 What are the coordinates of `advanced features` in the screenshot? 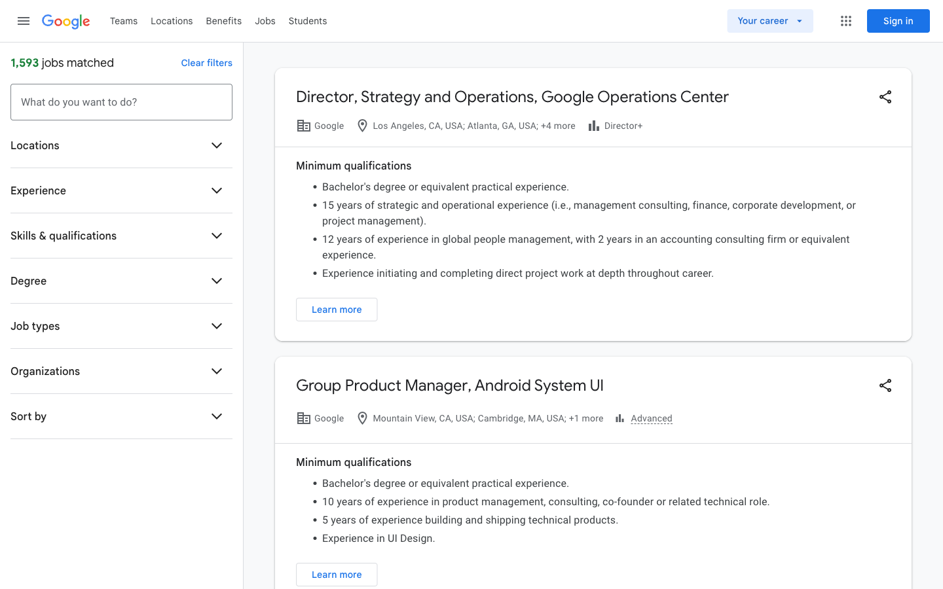 It's located at (642, 418).